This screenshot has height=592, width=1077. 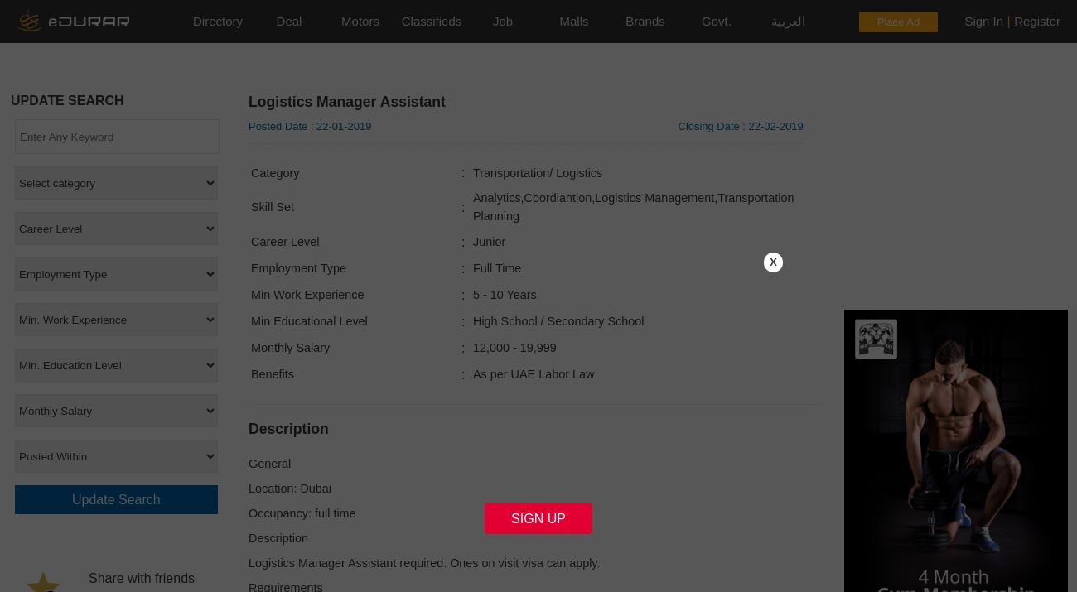 What do you see at coordinates (471, 345) in the screenshot?
I see `'12,000 - 19,999'` at bounding box center [471, 345].